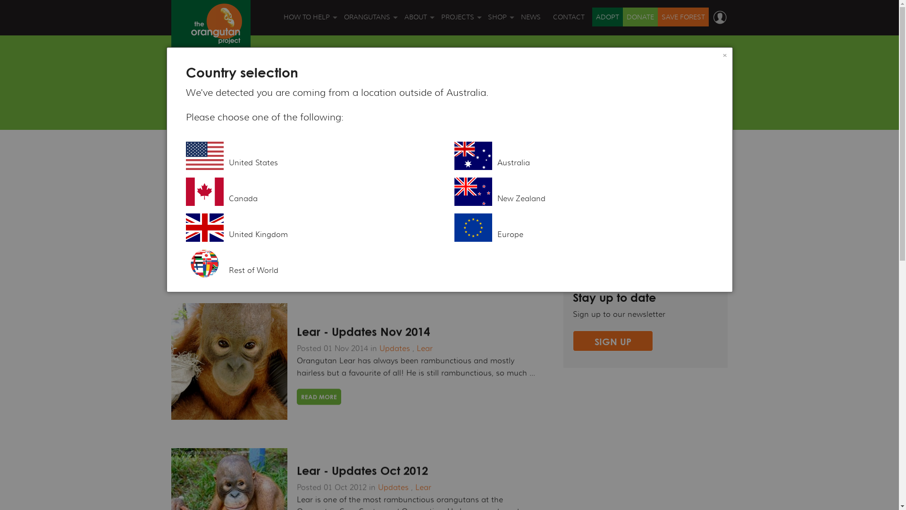 This screenshot has width=906, height=510. Describe the element at coordinates (498, 69) in the screenshot. I see `'GIFT CARDS'` at that location.